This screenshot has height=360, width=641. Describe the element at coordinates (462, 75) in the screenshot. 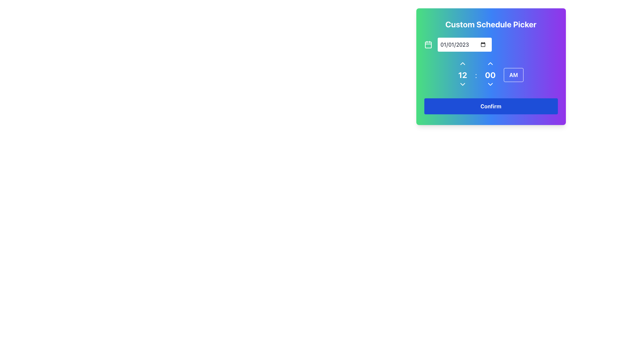

I see `the Text Display element showing the number '12' in a bold and large font style, located within the 'Custom Schedule Picker' interface` at that location.